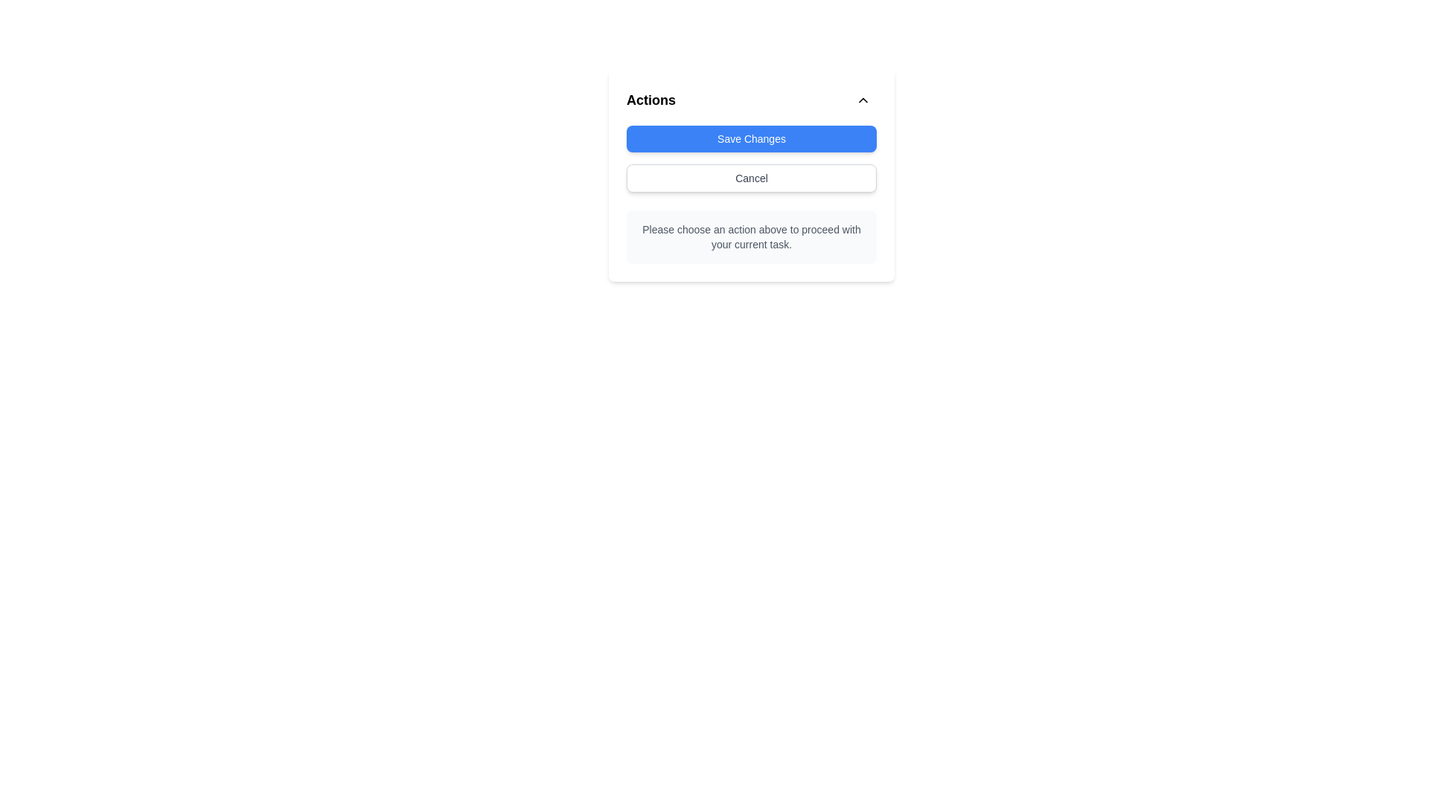 This screenshot has width=1429, height=803. What do you see at coordinates (751, 177) in the screenshot?
I see `the cancel button located directly below the 'Save Changes' button` at bounding box center [751, 177].